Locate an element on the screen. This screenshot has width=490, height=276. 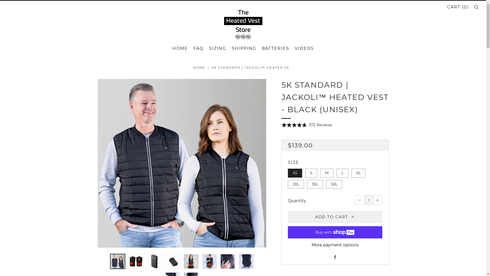
'Facebook' is located at coordinates (335, 257).